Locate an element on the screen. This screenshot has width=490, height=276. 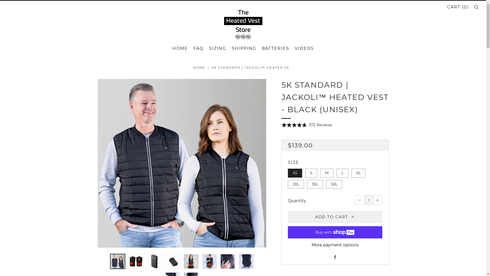
'Facebook' is located at coordinates (335, 257).